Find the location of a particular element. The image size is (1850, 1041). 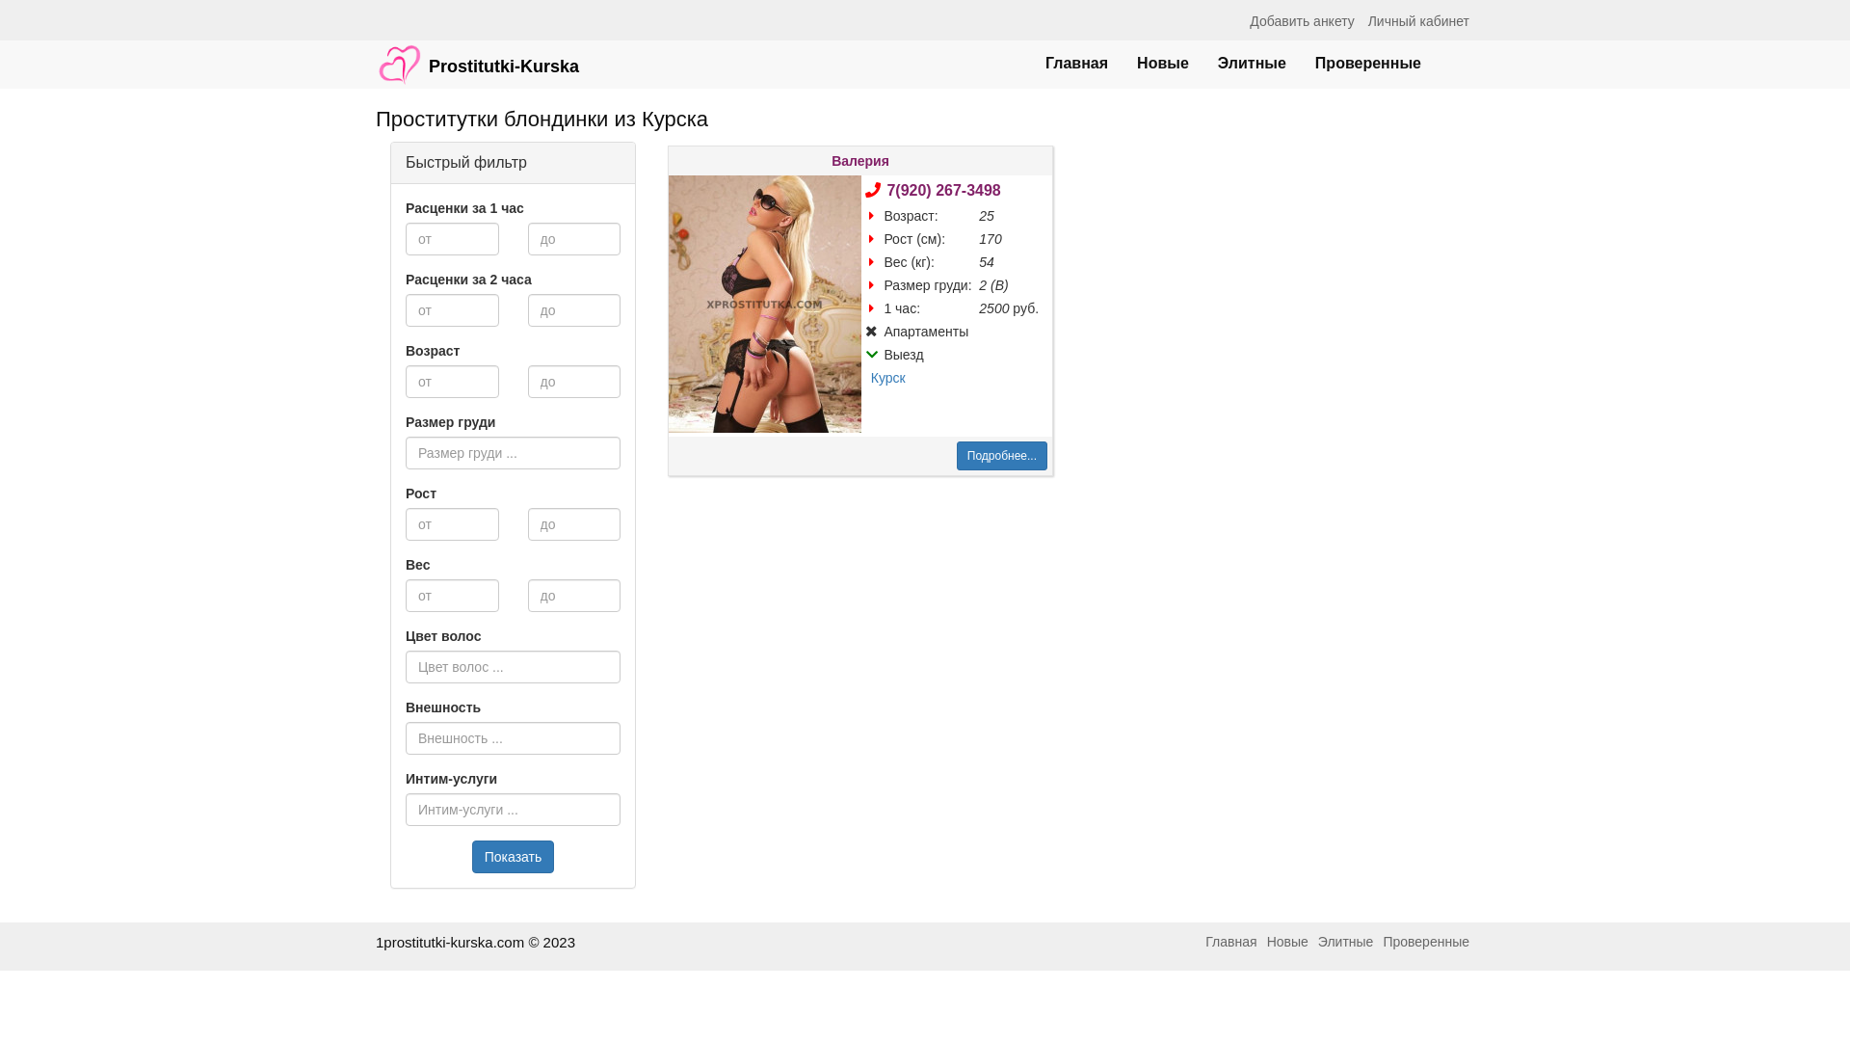

'Prostitutki-Kurska' is located at coordinates (477, 54).